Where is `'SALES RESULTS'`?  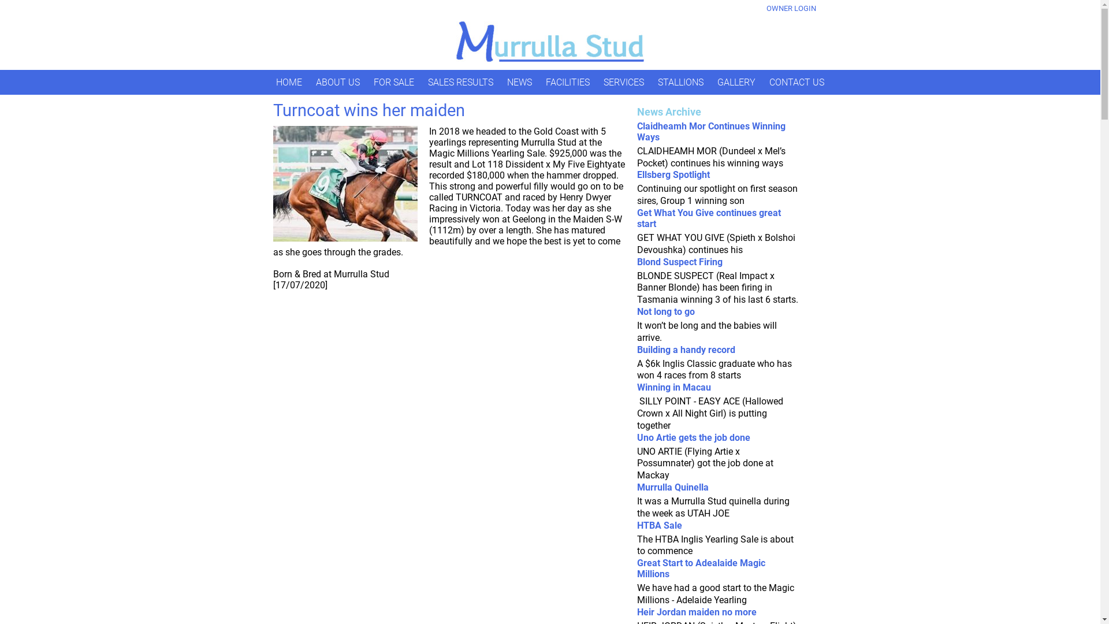
'SALES RESULTS' is located at coordinates (463, 81).